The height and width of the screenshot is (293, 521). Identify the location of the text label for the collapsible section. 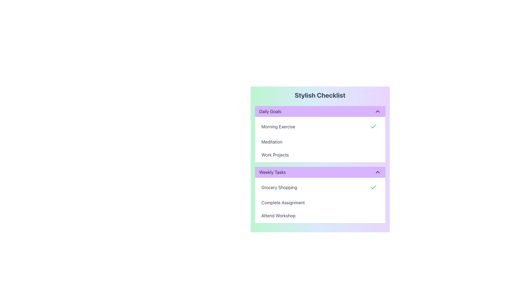
(272, 172).